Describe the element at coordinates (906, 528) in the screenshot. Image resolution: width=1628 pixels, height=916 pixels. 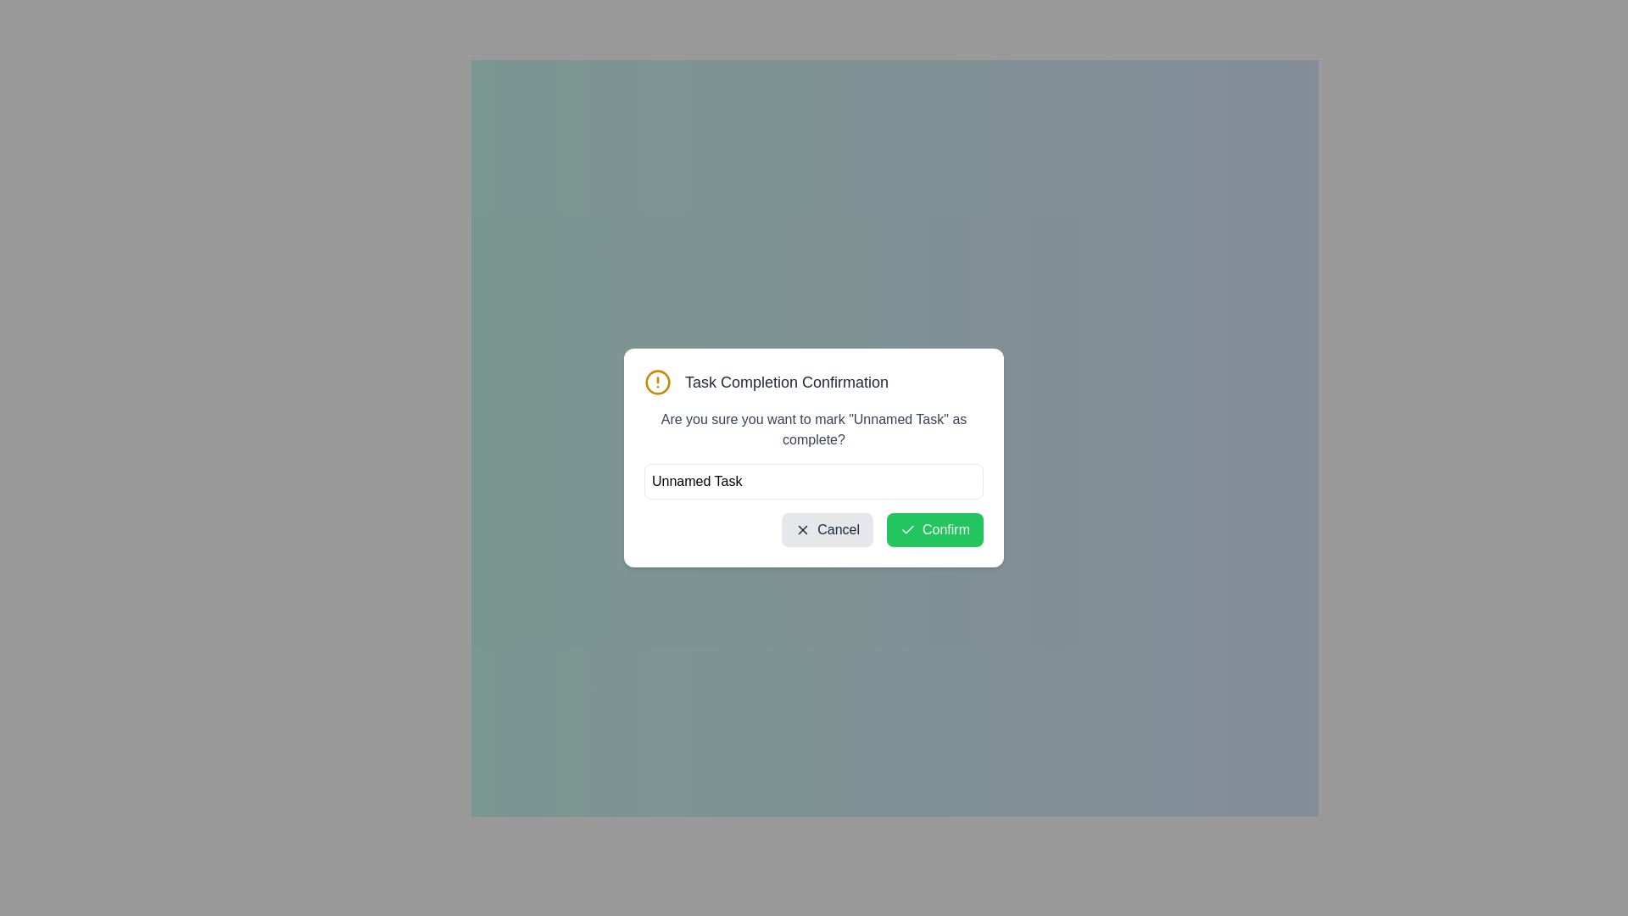
I see `the behavior of the small green checkmark icon located to the left of the 'Confirm' button in the confirmation dialog box` at that location.